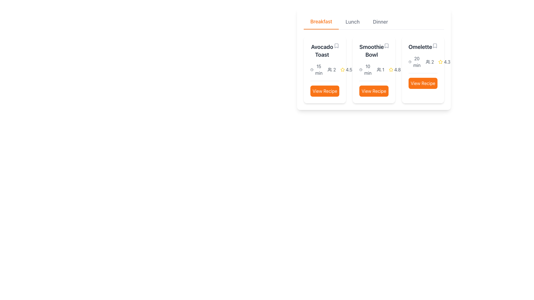 The width and height of the screenshot is (534, 300). I want to click on the numerical rating text label located in the third card of the 'Breakfast' section, which is aligned next to the yellow star icon beneath the recipe title, so click(394, 69).